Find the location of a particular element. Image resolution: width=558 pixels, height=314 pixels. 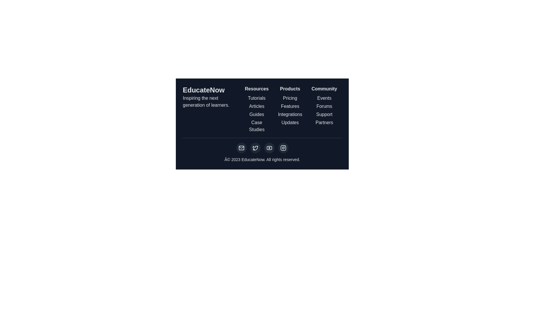

the third text link in the 'Resources' column of the footer is located at coordinates (256, 114).